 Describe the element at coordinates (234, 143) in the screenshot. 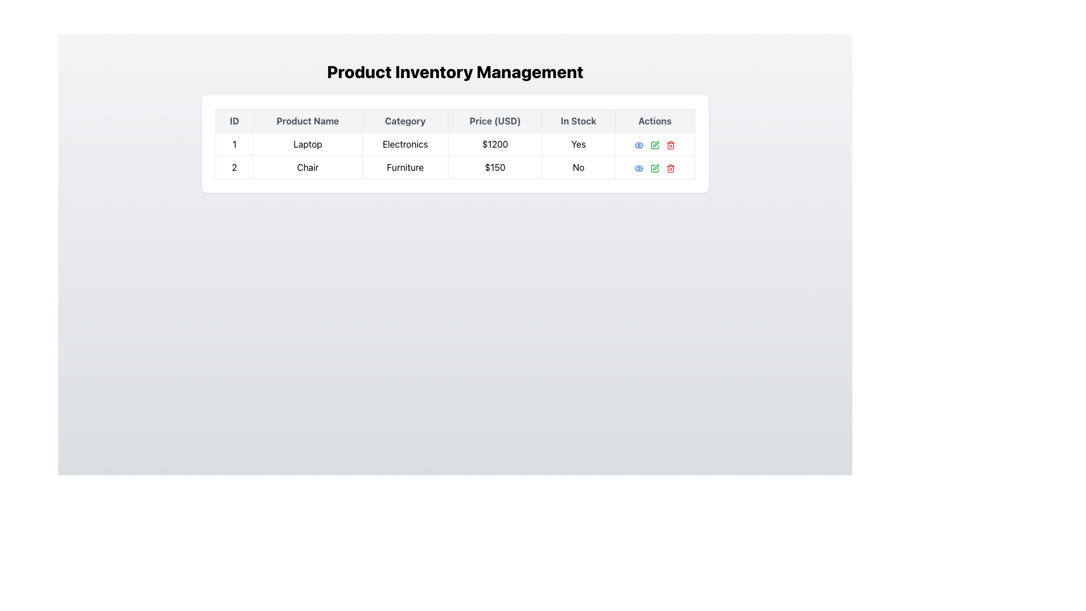

I see `the table cell containing the text '1' in the 'ID' column of the 'Product Inventory Management' table` at that location.